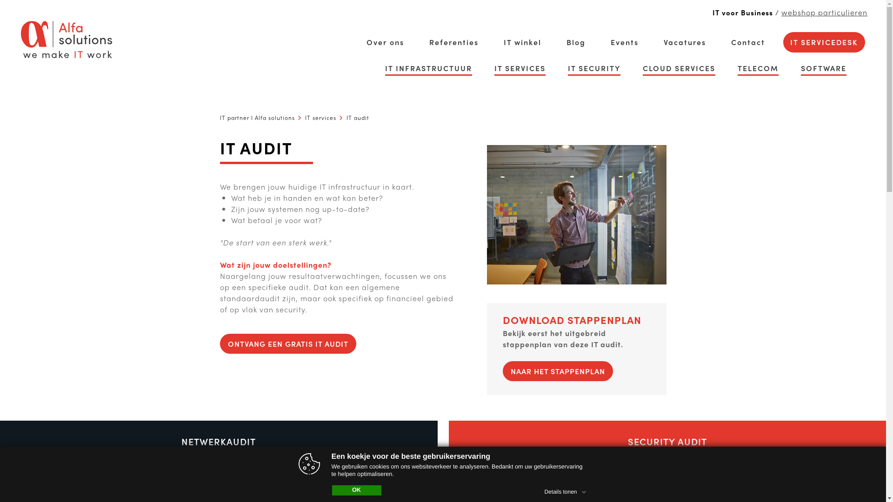 Image resolution: width=893 pixels, height=502 pixels. I want to click on 'Over ons', so click(385, 42).